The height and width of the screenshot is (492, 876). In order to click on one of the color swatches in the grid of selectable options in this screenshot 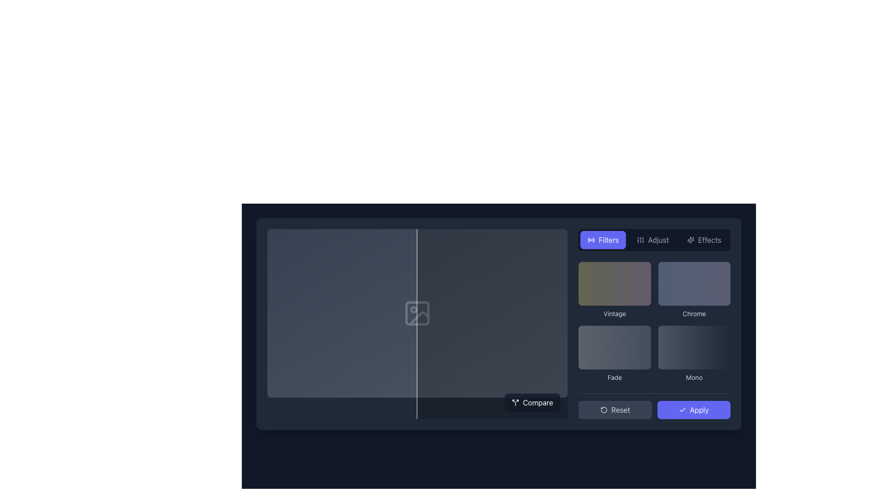, I will do `click(654, 323)`.